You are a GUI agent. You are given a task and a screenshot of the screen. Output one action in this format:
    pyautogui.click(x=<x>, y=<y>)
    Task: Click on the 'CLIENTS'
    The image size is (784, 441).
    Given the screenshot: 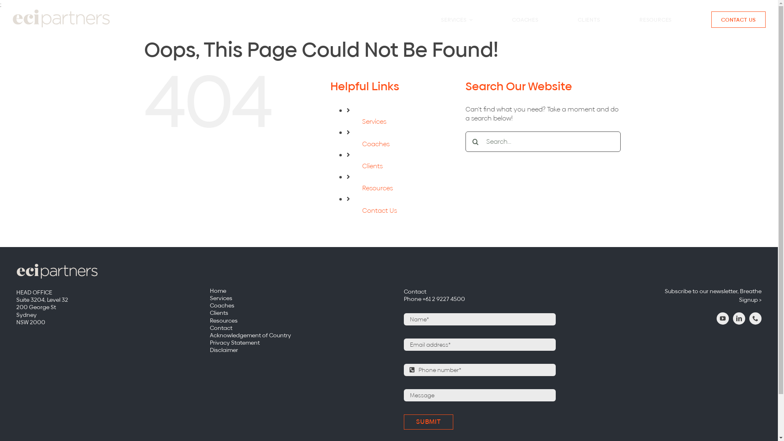 What is the action you would take?
    pyautogui.click(x=588, y=19)
    